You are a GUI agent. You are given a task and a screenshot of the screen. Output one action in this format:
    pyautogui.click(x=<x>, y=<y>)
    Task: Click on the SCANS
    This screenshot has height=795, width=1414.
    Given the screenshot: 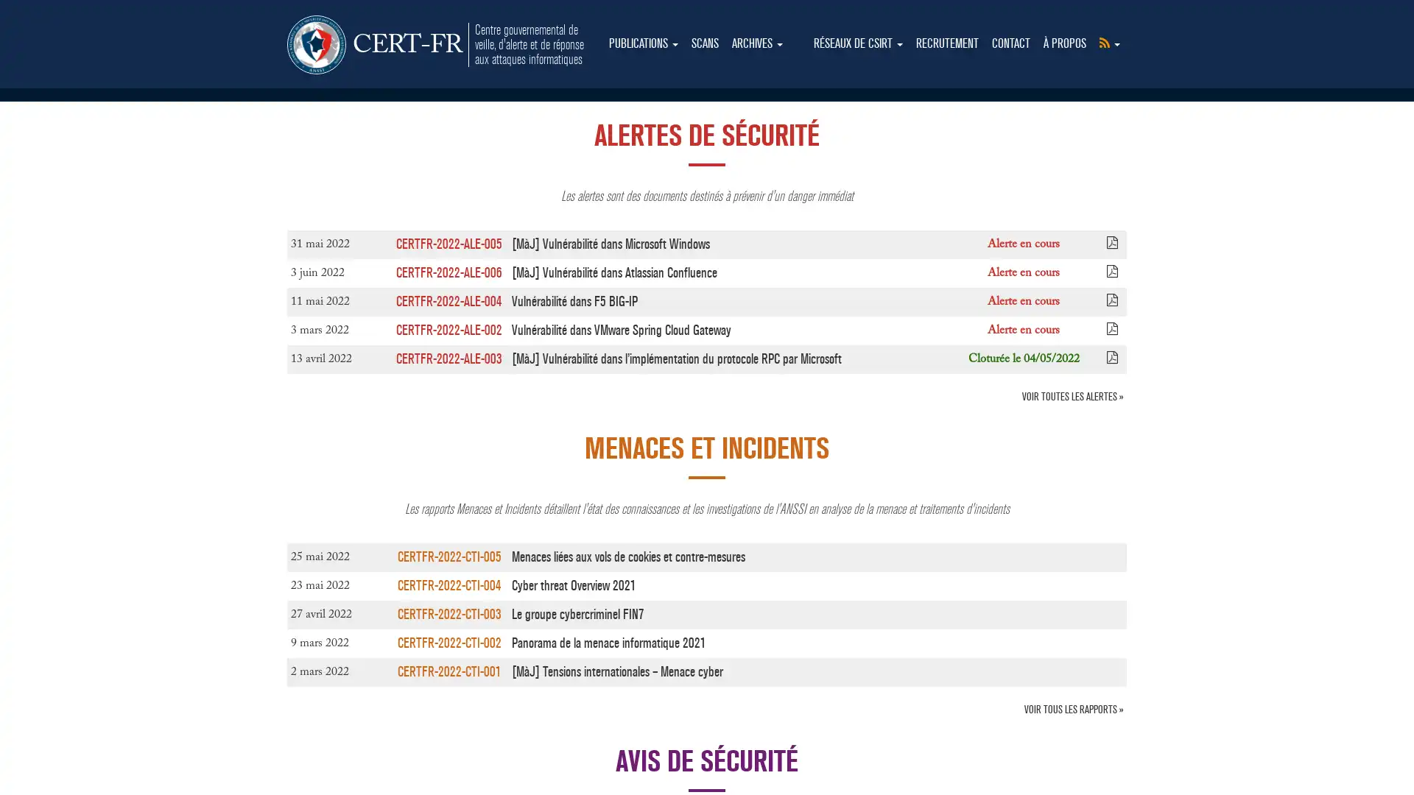 What is the action you would take?
    pyautogui.click(x=704, y=43)
    